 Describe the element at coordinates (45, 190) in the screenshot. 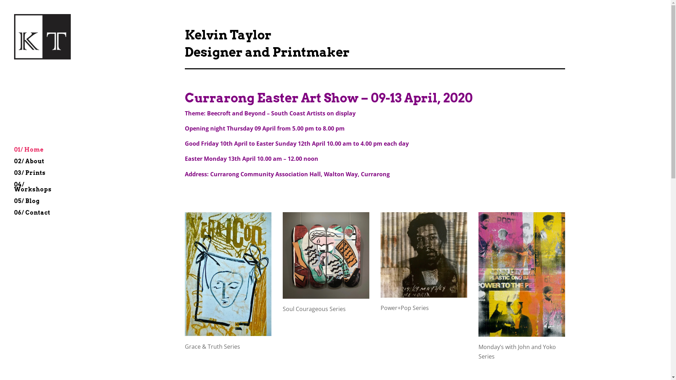

I see `'04/ Workshops'` at that location.